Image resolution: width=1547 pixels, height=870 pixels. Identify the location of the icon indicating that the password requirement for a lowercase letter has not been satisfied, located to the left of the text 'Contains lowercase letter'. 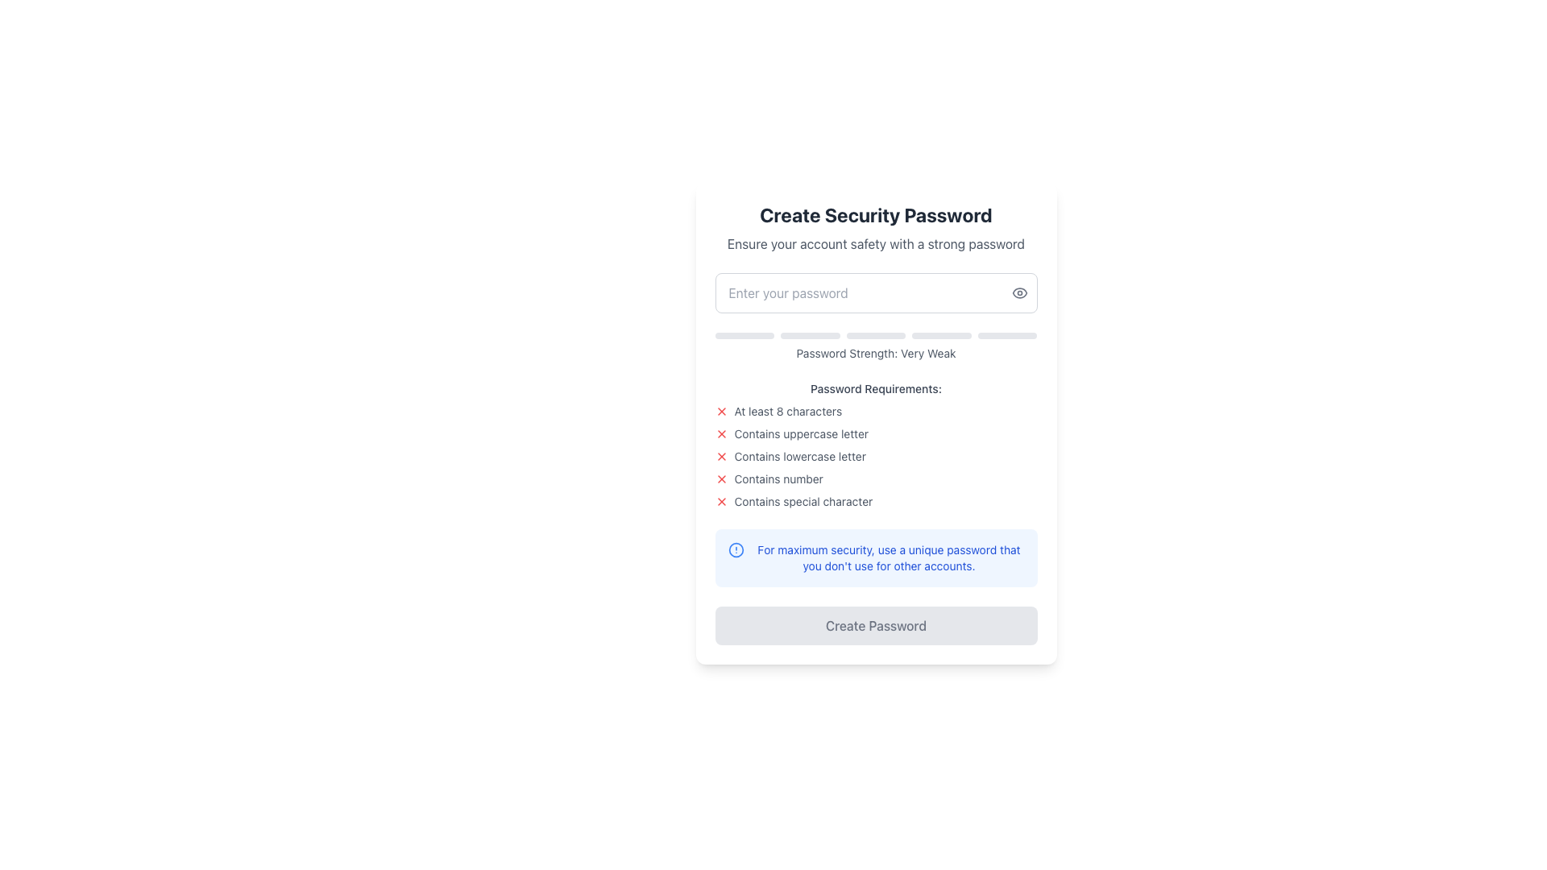
(720, 457).